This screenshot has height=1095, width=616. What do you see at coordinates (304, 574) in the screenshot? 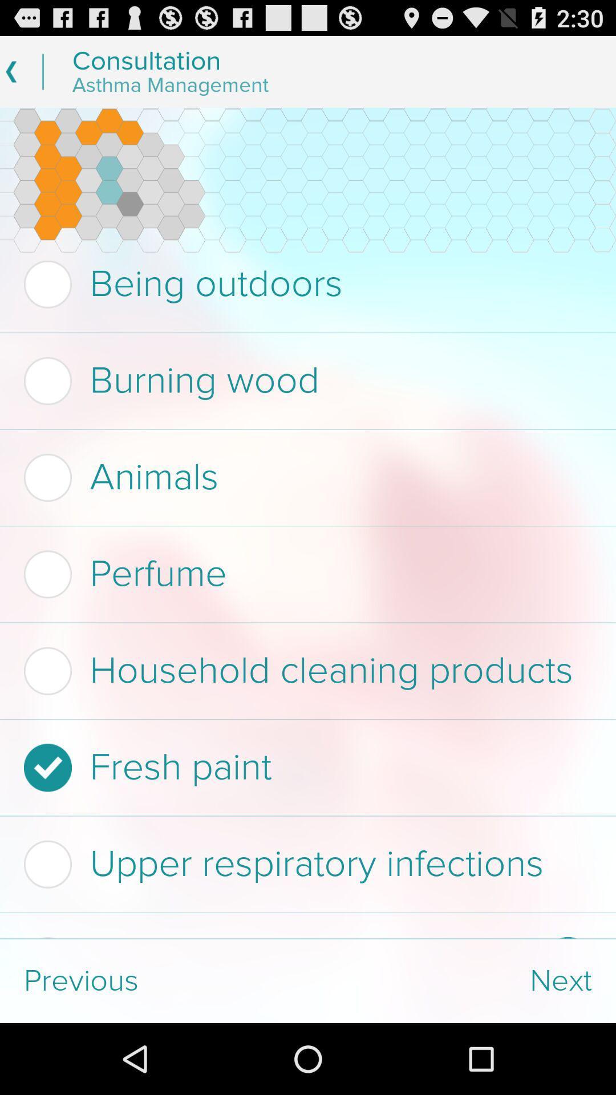
I see `the perfume checkbox` at bounding box center [304, 574].